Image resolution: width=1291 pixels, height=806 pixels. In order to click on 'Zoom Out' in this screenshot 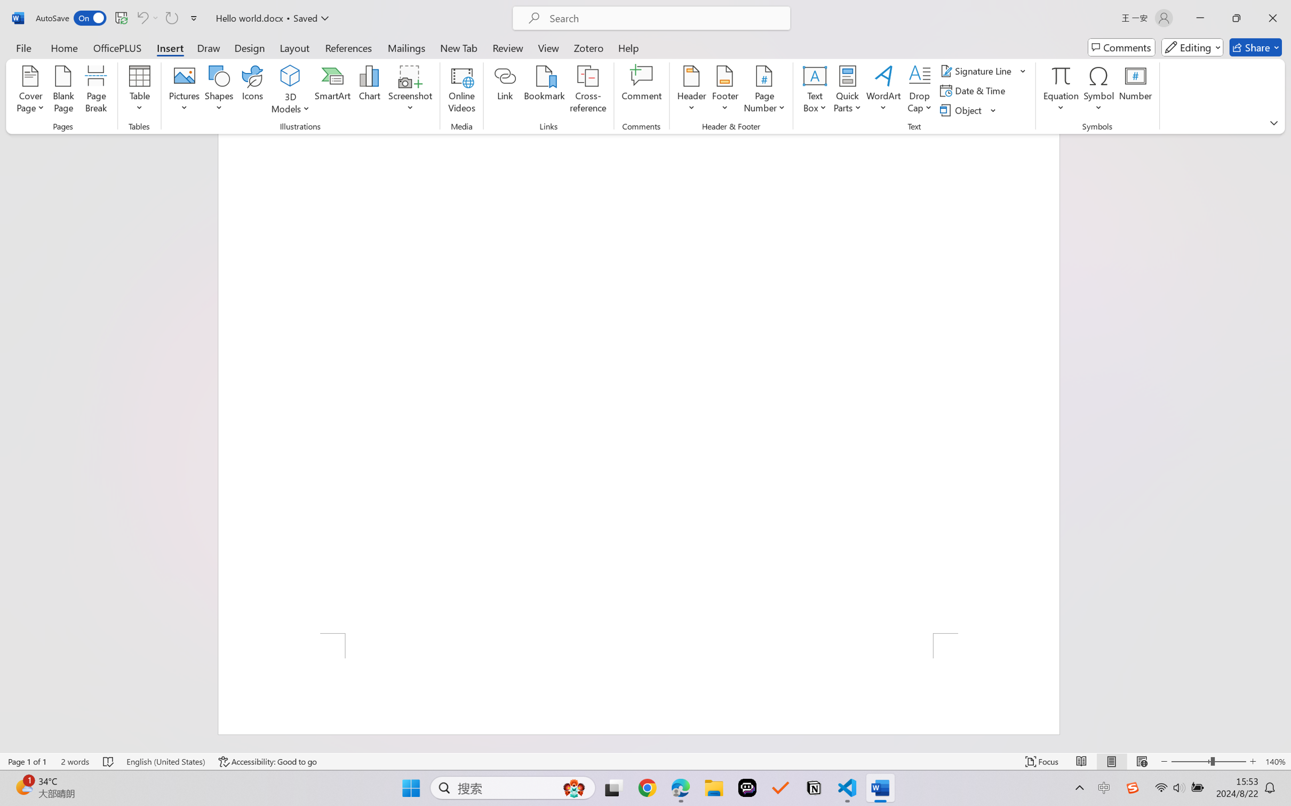, I will do `click(1190, 761)`.